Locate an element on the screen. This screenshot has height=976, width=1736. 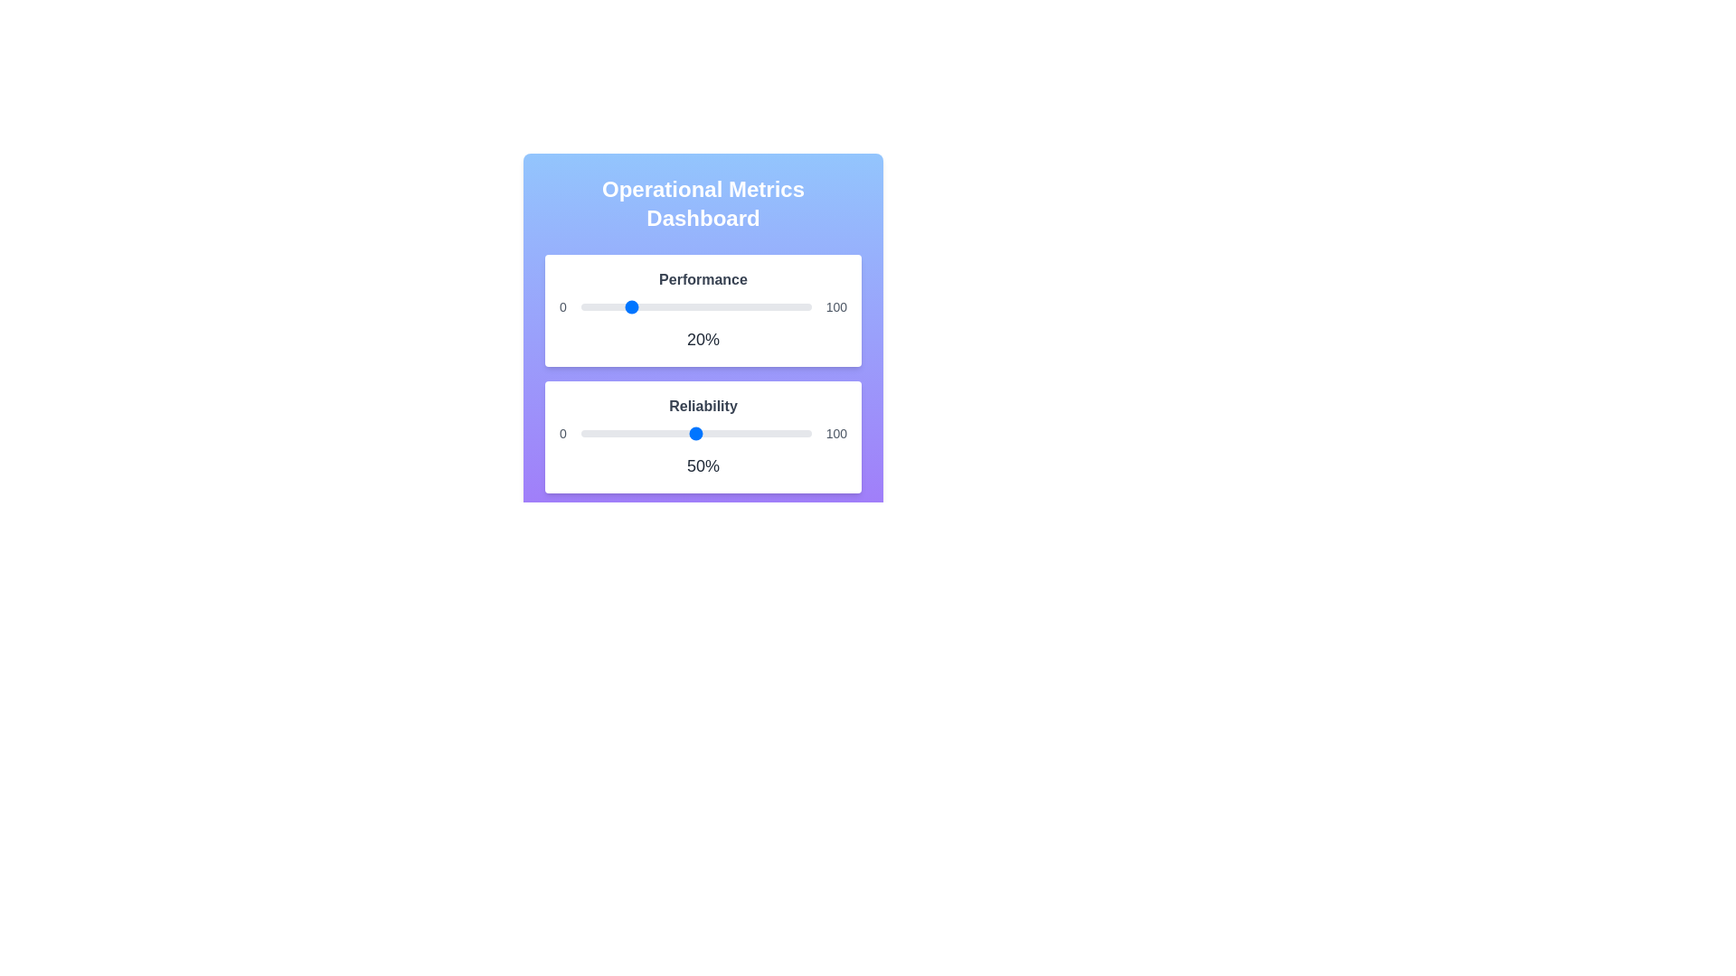
the reliability slider is located at coordinates (731, 433).